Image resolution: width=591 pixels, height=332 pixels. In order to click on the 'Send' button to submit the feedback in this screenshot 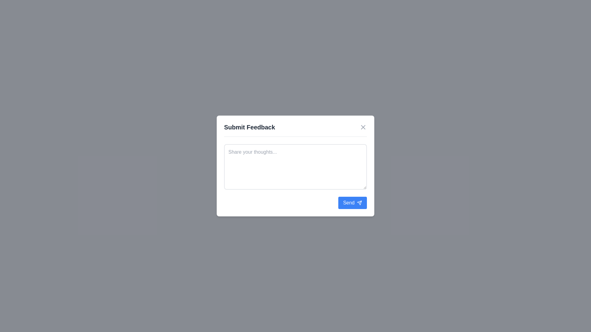, I will do `click(352, 203)`.